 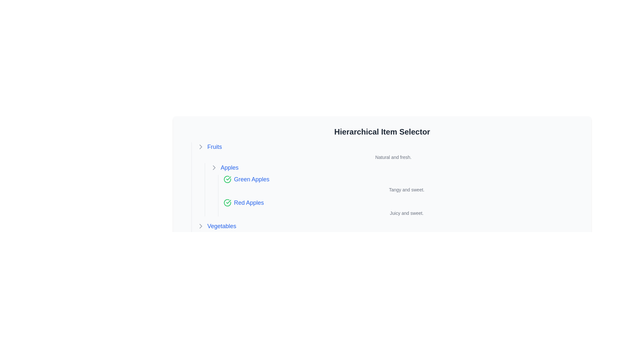 What do you see at coordinates (402, 189) in the screenshot?
I see `the supplementary descriptive information text snippet located directly below the 'Green Apples' entry in the hierarchical item selector interface` at bounding box center [402, 189].